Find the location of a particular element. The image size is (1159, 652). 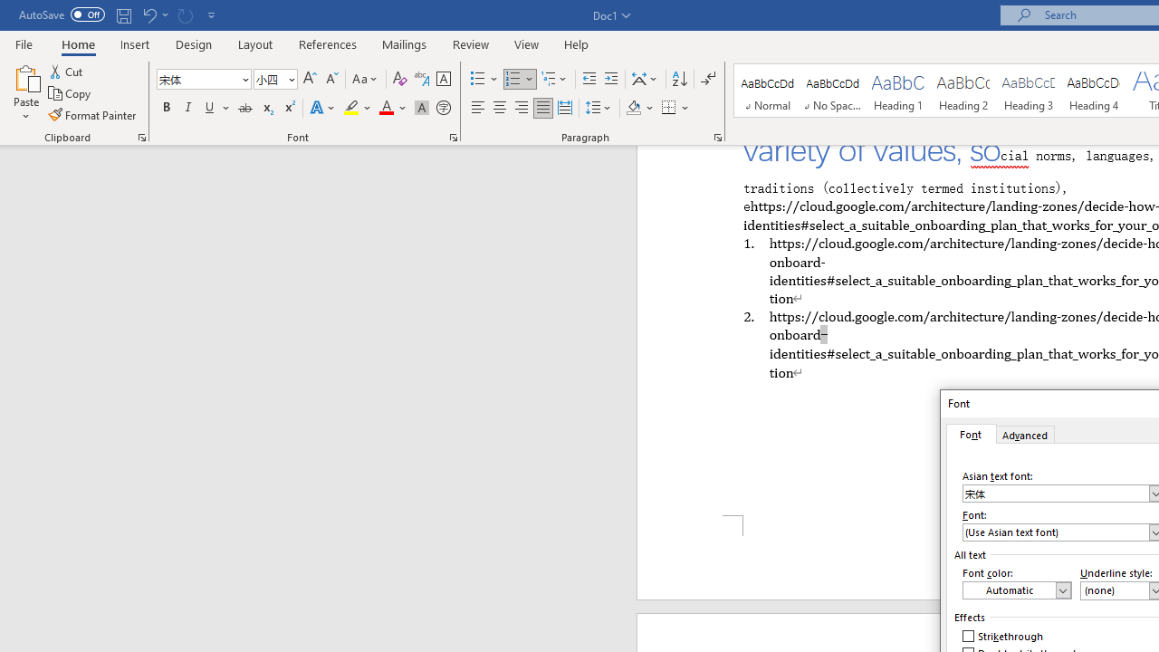

'Distributed' is located at coordinates (564, 108).